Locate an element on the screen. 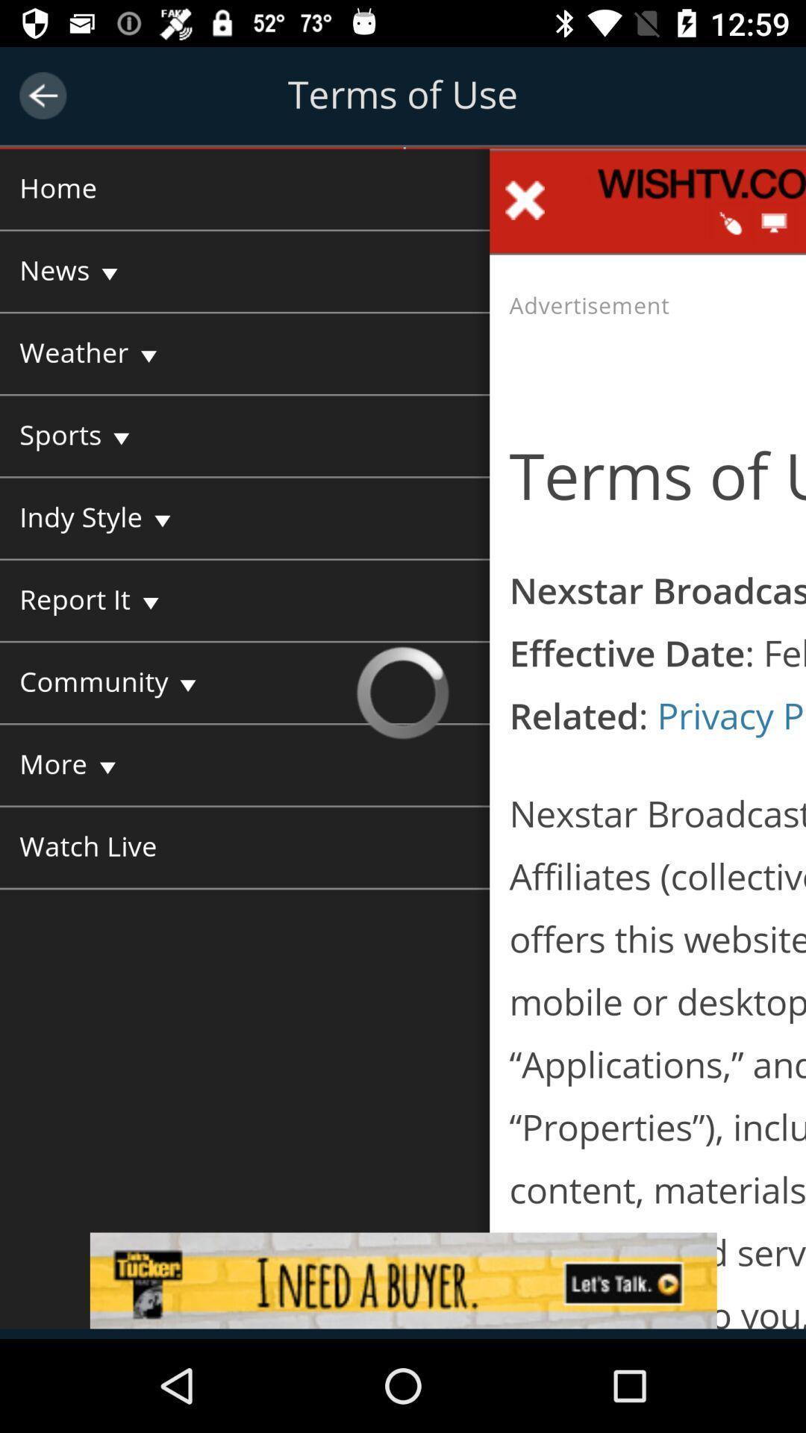 Image resolution: width=806 pixels, height=1433 pixels. the arrow_backward icon is located at coordinates (42, 95).